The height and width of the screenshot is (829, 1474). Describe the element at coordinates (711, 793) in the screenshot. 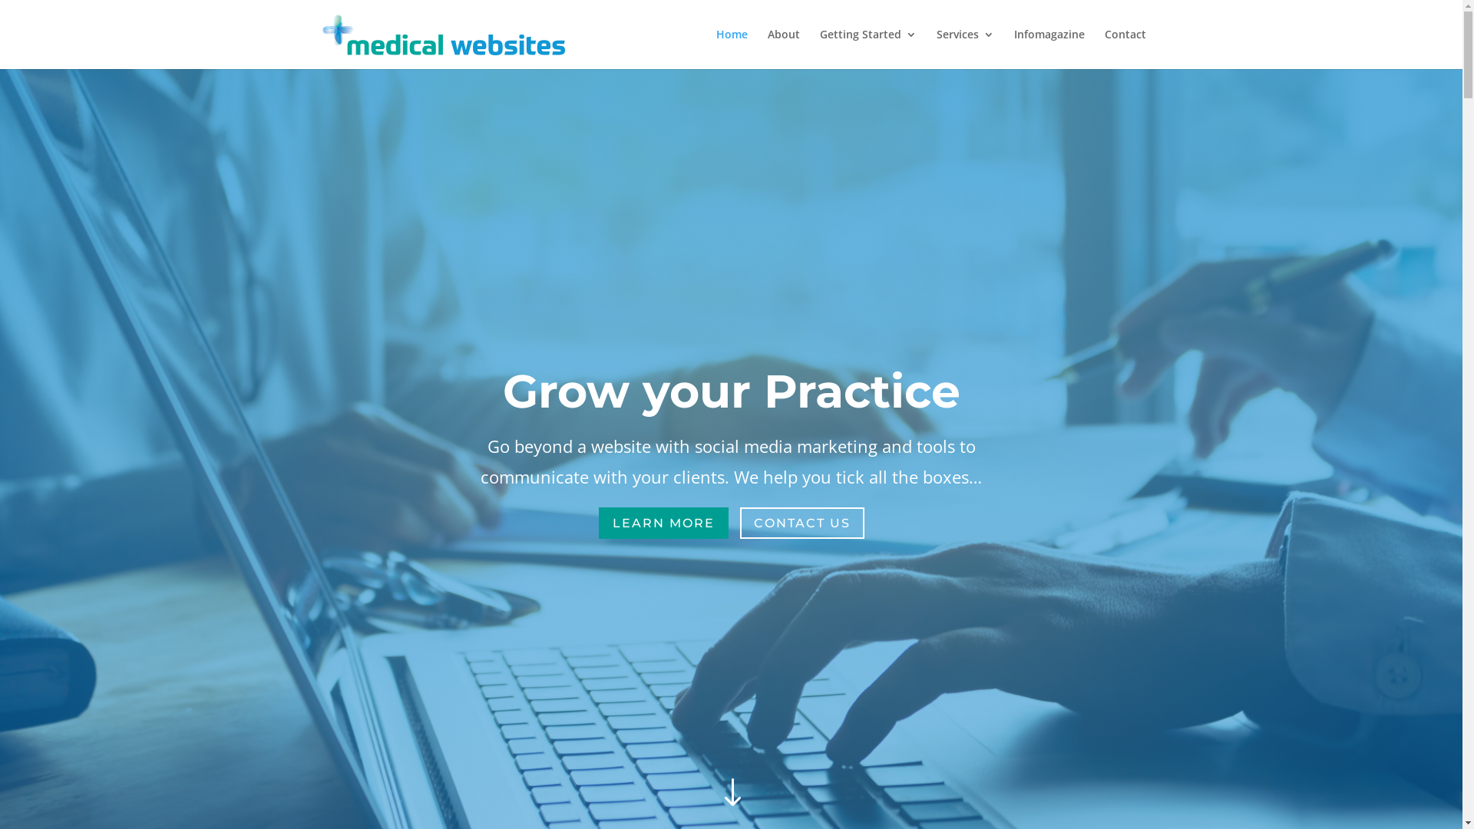

I see `'"'` at that location.